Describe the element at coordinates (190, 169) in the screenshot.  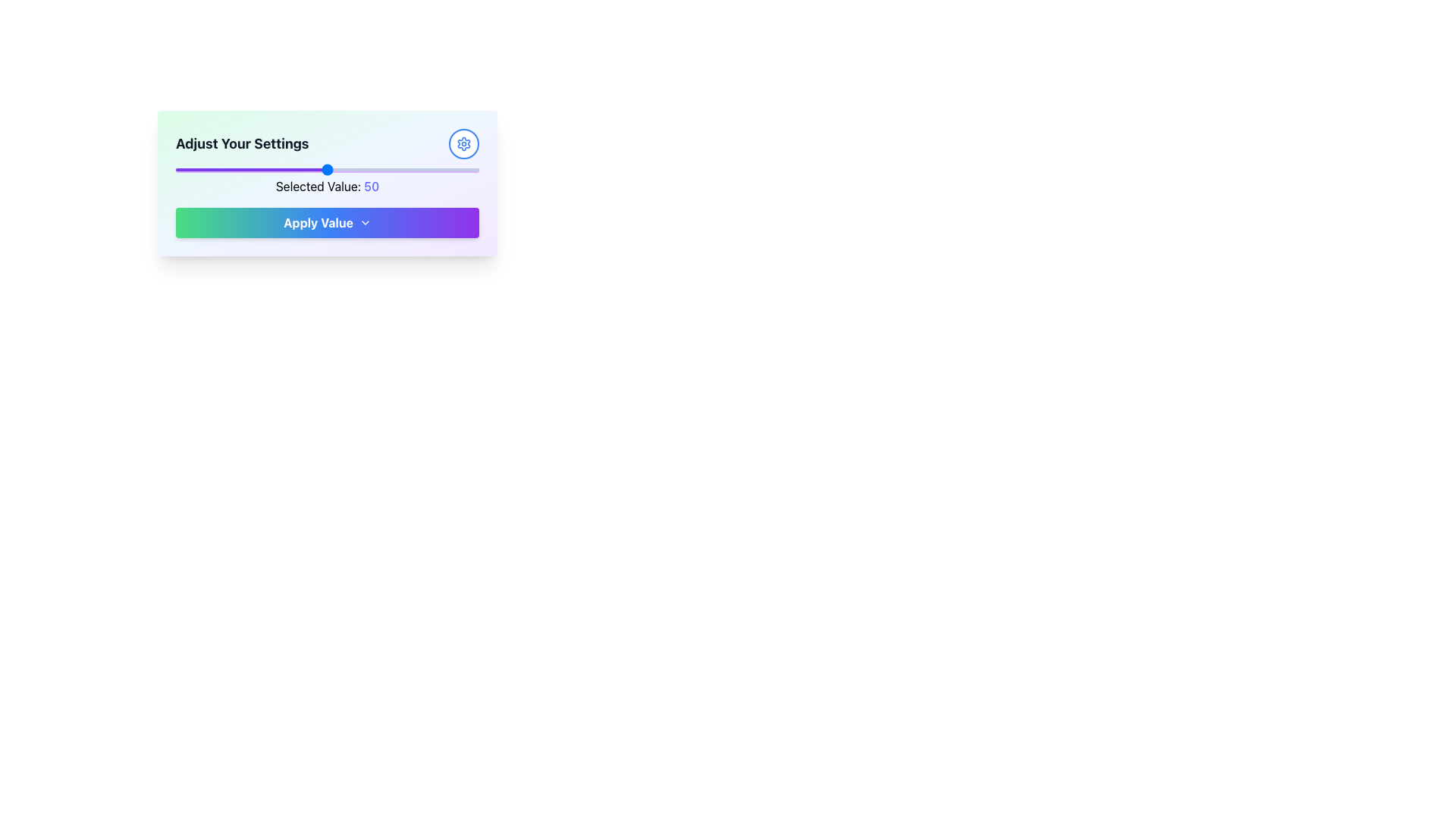
I see `the slider` at that location.